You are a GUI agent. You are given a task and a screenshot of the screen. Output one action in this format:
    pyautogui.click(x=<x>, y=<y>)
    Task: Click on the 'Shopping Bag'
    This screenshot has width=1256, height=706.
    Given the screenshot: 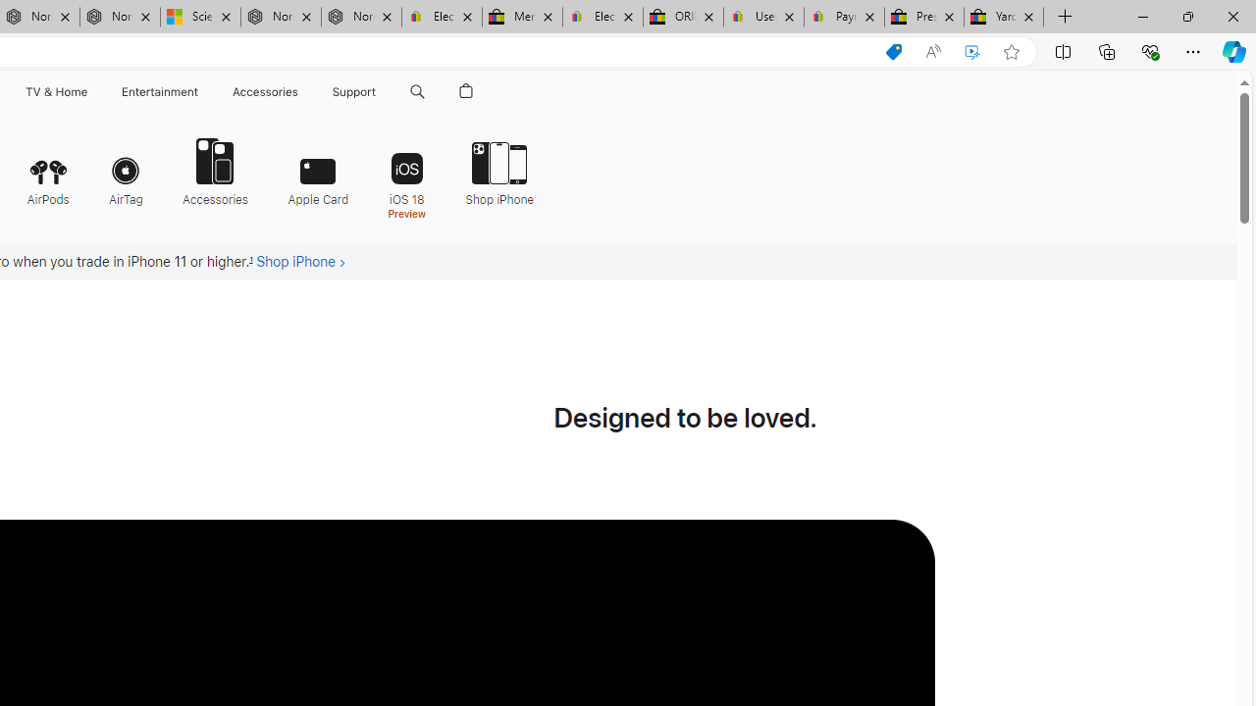 What is the action you would take?
    pyautogui.click(x=465, y=91)
    